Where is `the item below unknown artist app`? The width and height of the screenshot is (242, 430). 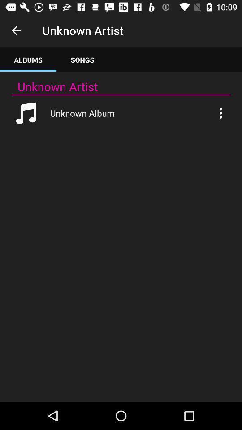
the item below unknown artist app is located at coordinates (121, 95).